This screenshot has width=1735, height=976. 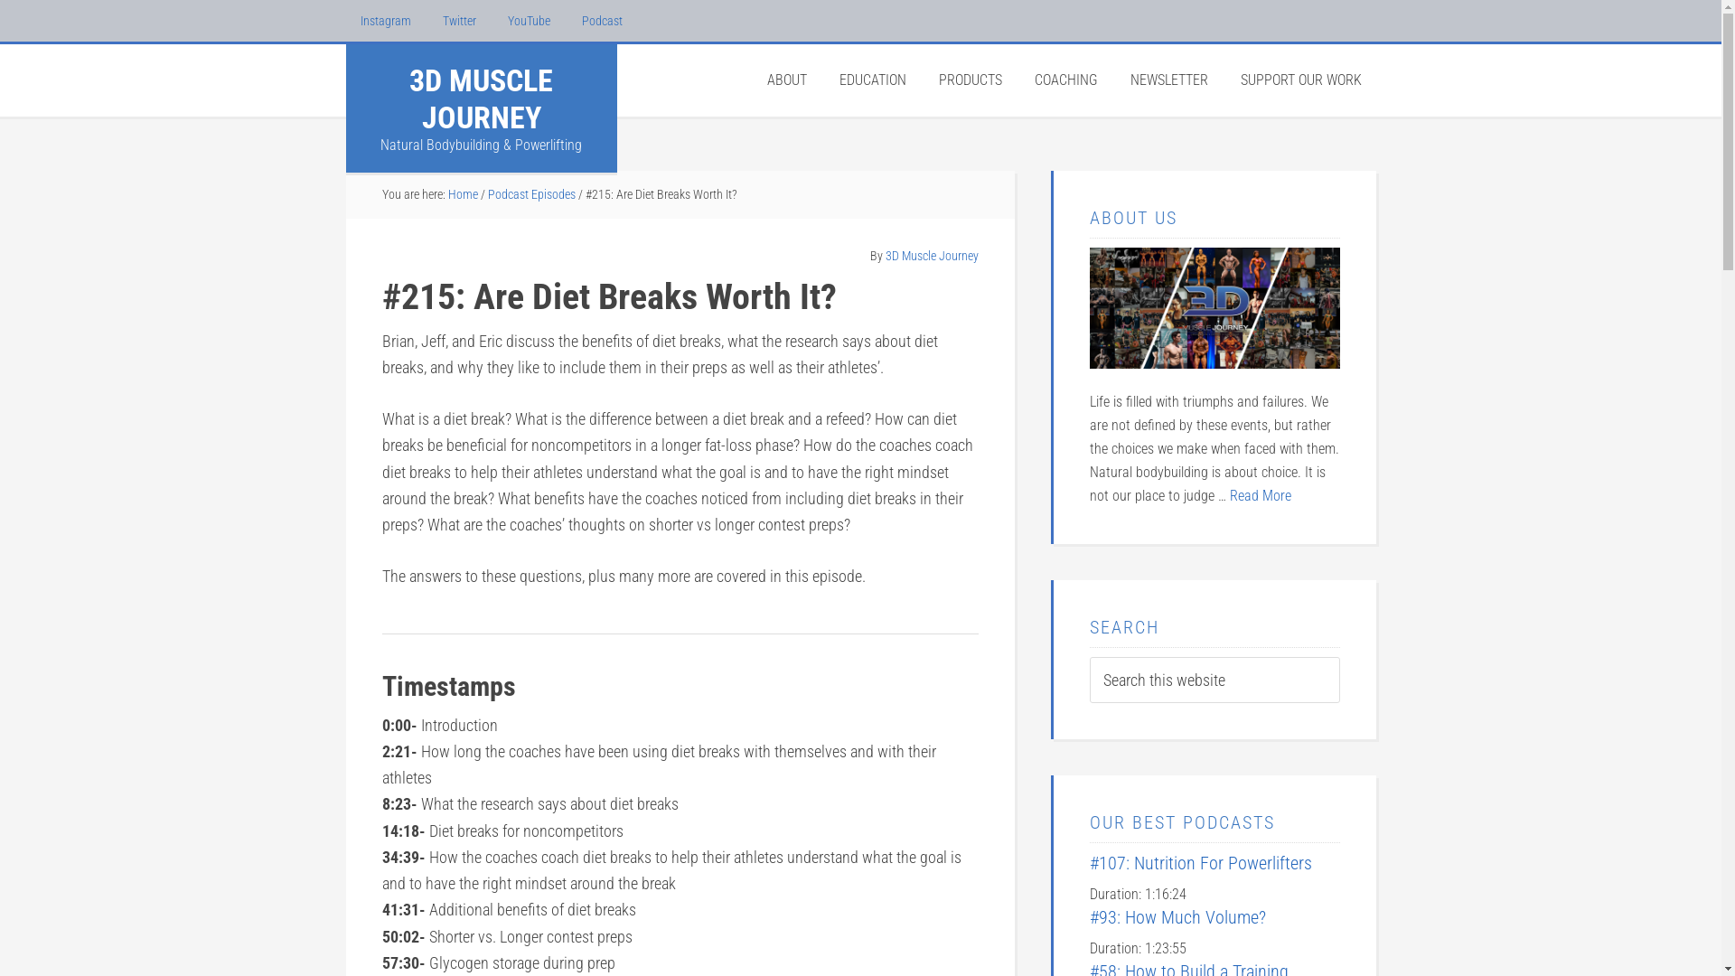 I want to click on 'Twitter', so click(x=459, y=21).